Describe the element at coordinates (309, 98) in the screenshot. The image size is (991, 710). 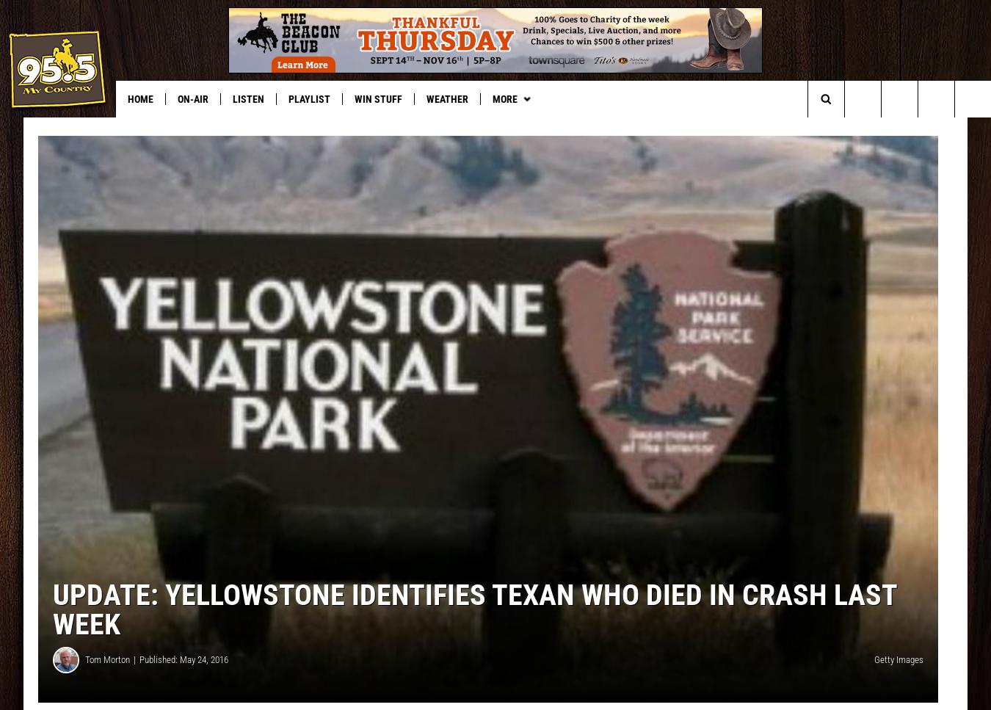
I see `'Playlist'` at that location.